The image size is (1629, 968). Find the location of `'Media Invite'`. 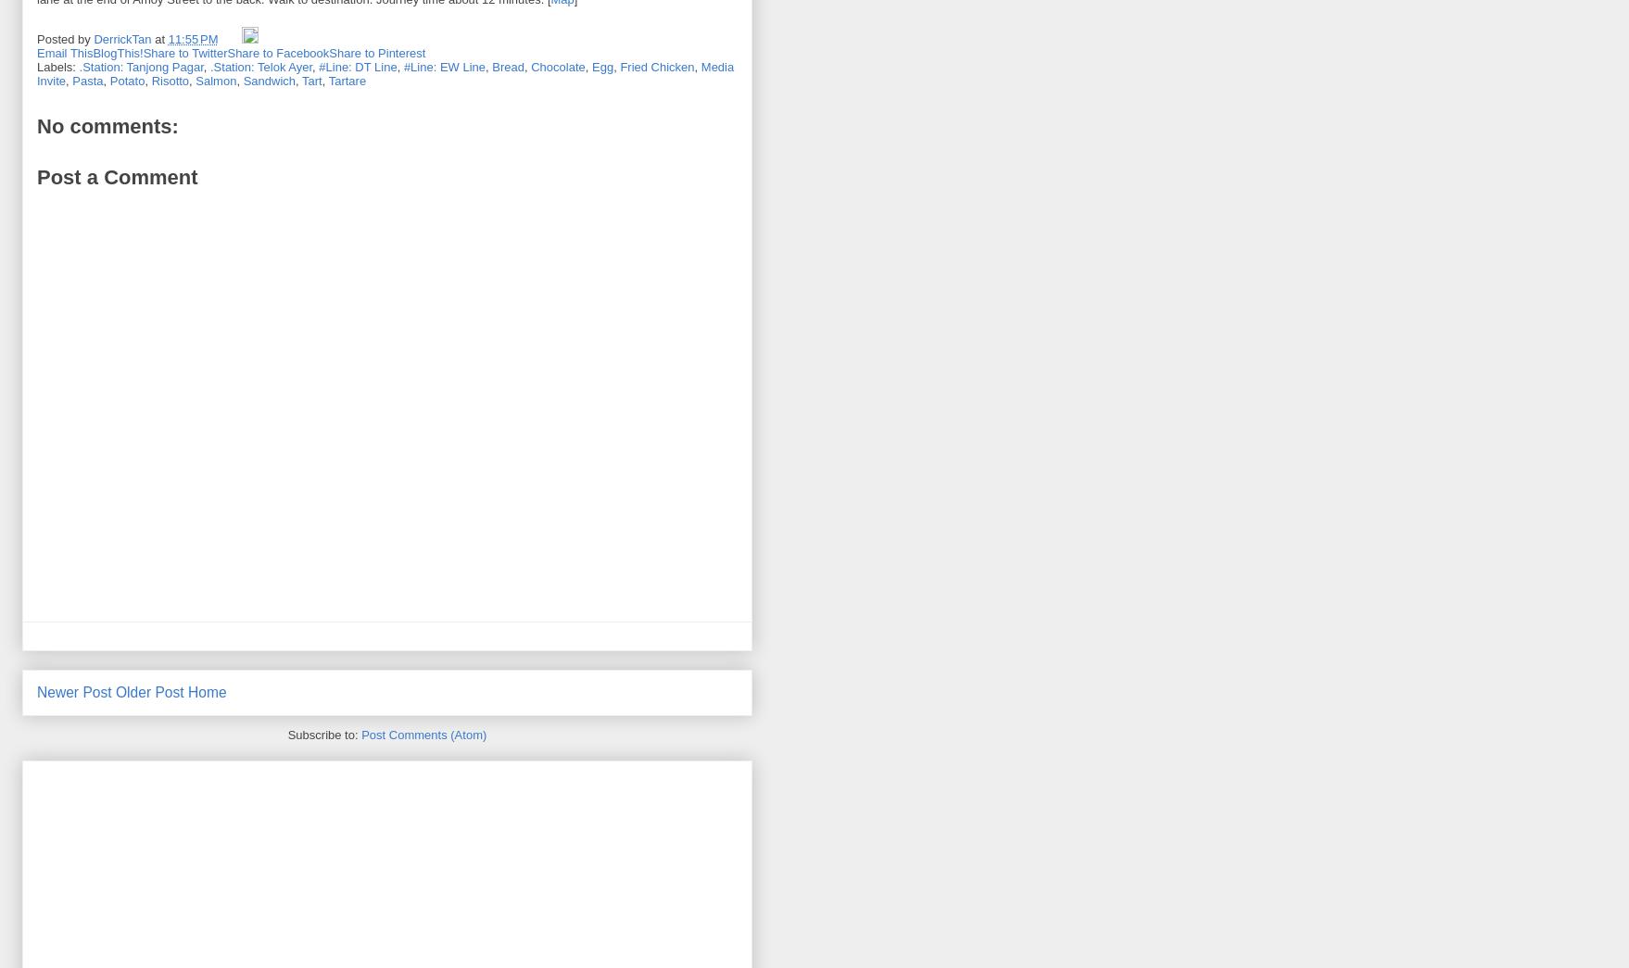

'Media Invite' is located at coordinates (385, 73).